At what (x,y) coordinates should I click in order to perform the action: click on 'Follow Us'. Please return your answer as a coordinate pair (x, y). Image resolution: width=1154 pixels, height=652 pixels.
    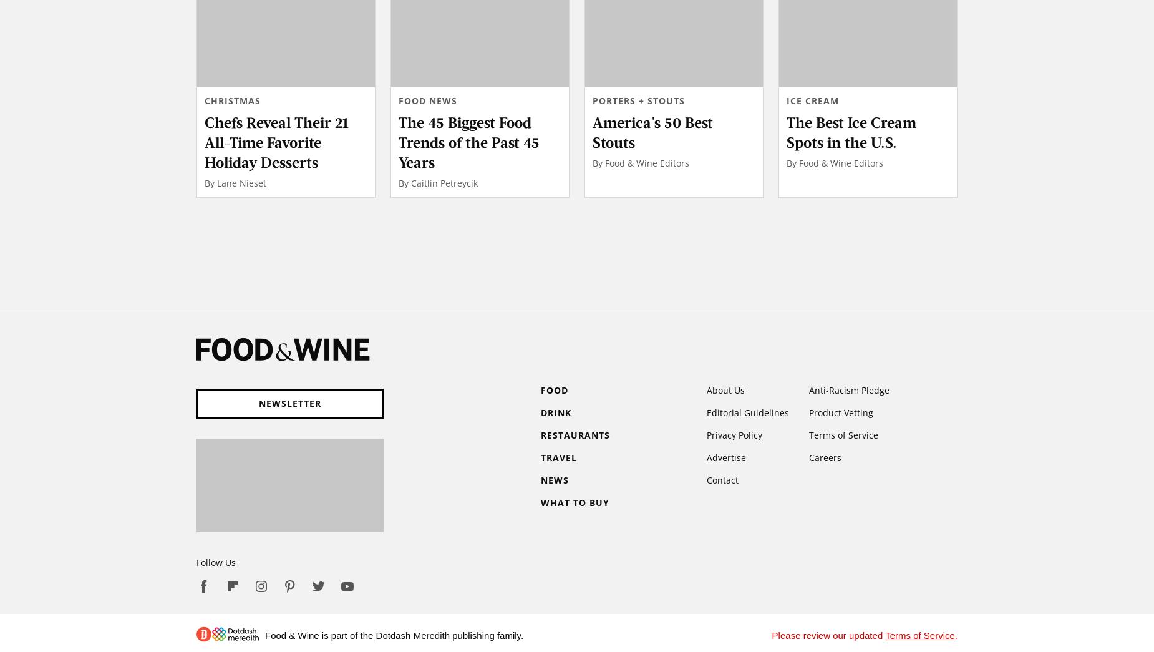
    Looking at the image, I should click on (215, 562).